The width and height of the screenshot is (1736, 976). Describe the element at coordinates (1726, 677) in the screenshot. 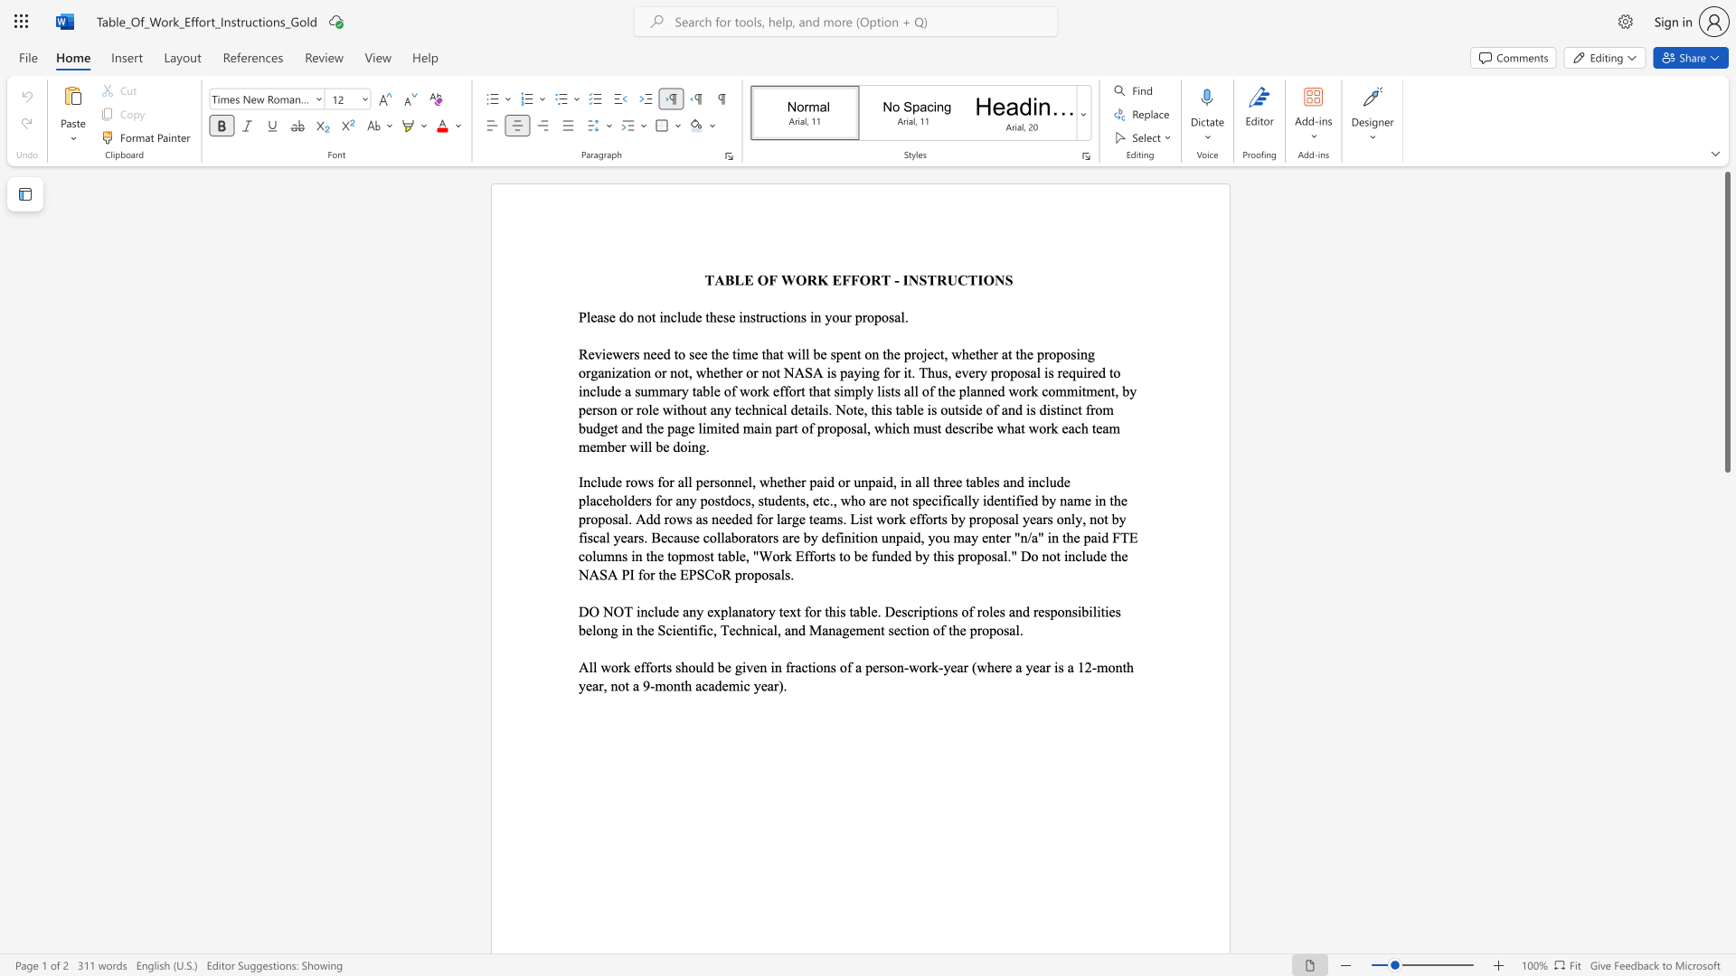

I see `the scrollbar to move the page down` at that location.